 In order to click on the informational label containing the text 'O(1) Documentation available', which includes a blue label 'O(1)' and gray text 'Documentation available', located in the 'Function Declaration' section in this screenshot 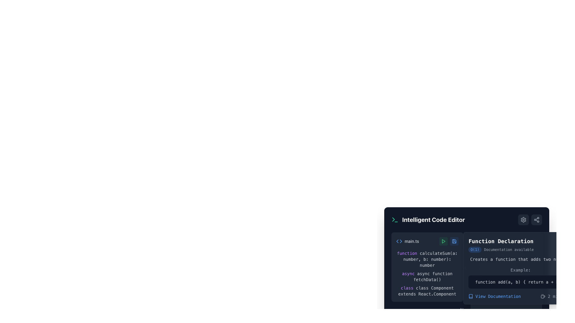, I will do `click(501, 249)`.